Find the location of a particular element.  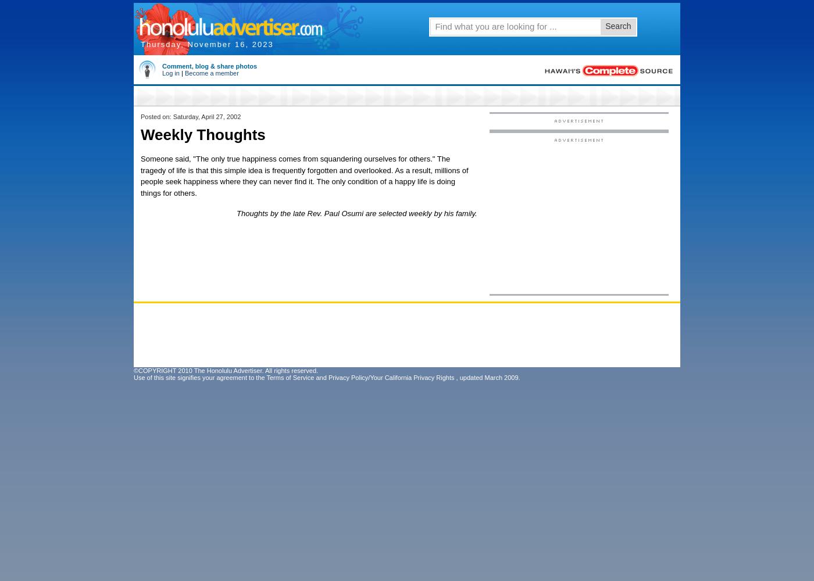

'Privacy Policy/Your California Privacy Rights' is located at coordinates (328, 378).